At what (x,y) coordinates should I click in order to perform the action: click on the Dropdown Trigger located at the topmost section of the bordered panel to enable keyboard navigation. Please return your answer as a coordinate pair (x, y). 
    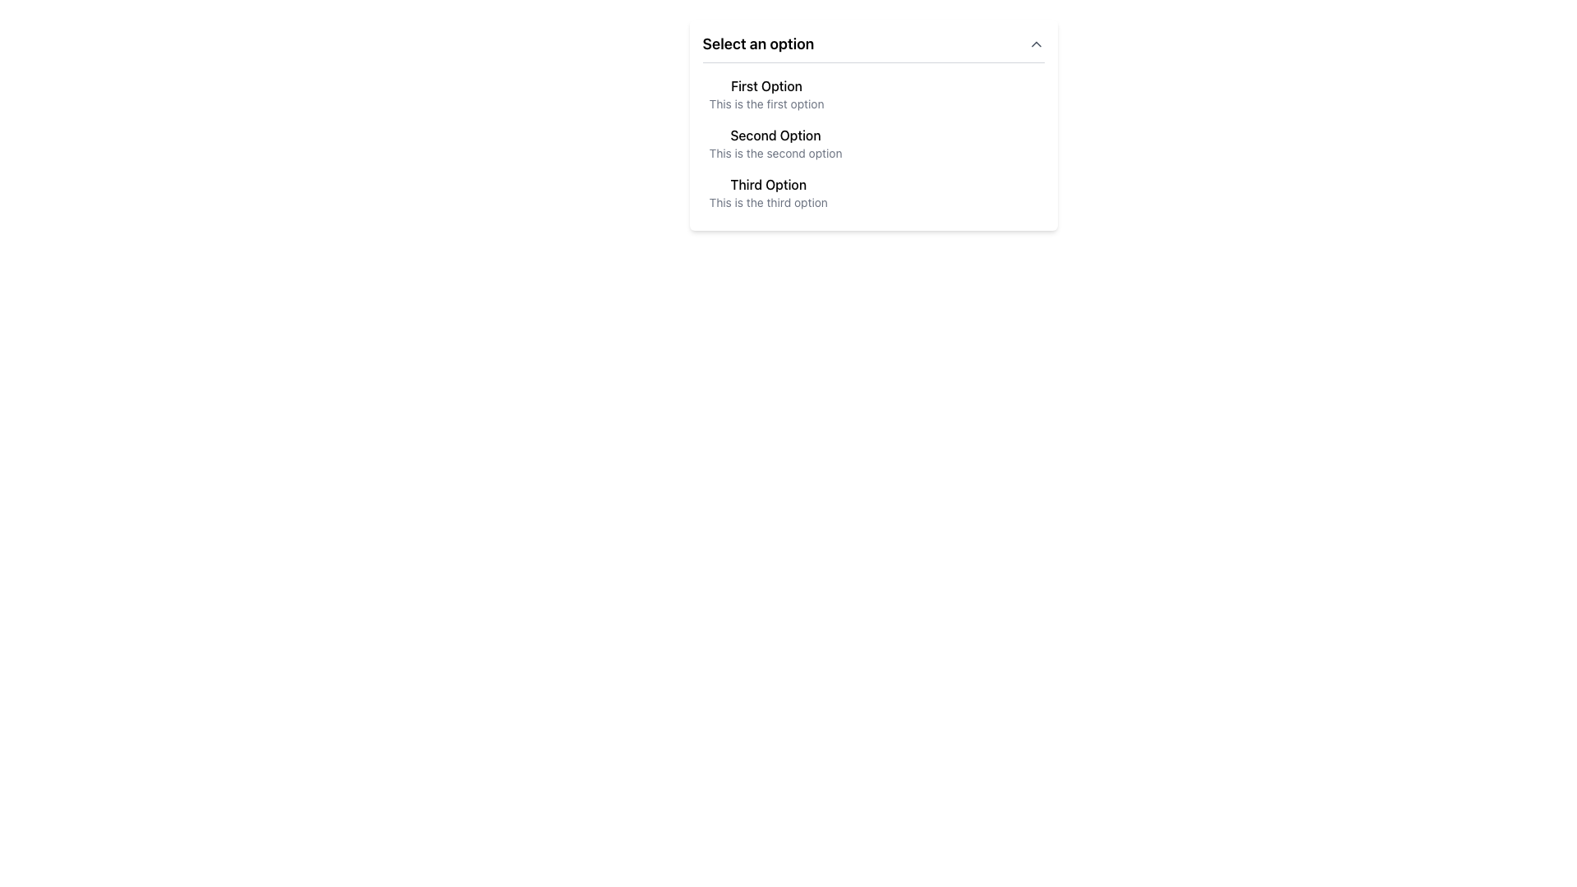
    Looking at the image, I should click on (872, 44).